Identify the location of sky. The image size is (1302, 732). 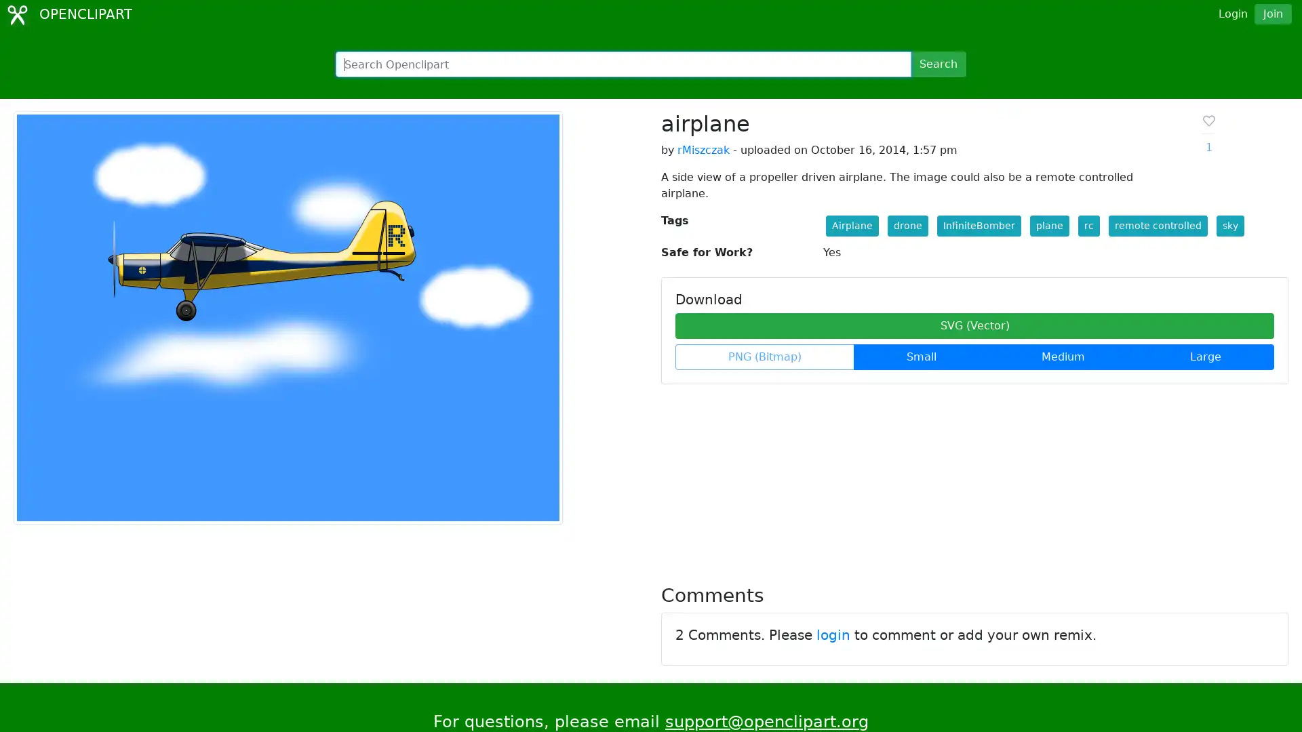
(1229, 225).